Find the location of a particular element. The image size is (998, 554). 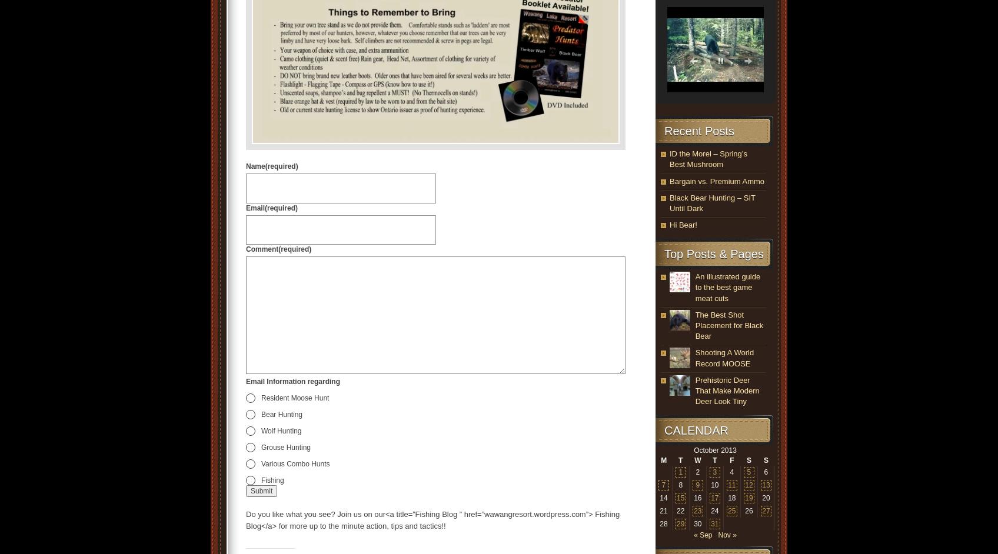

'18' is located at coordinates (731, 497).